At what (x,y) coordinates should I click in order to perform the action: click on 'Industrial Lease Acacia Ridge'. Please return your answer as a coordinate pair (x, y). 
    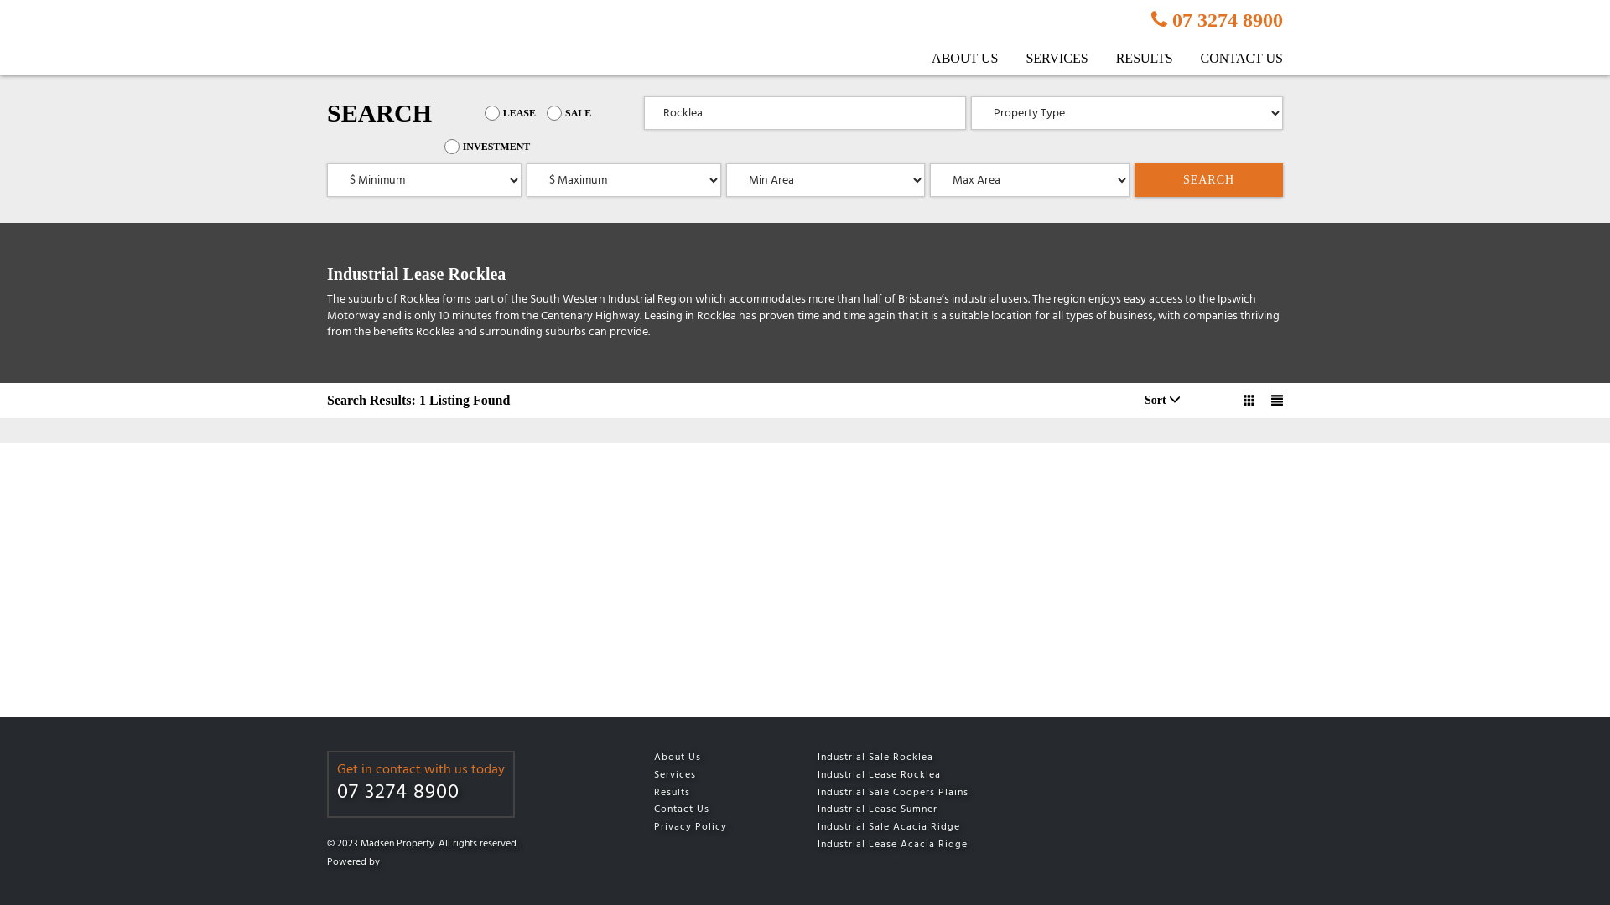
    Looking at the image, I should click on (927, 845).